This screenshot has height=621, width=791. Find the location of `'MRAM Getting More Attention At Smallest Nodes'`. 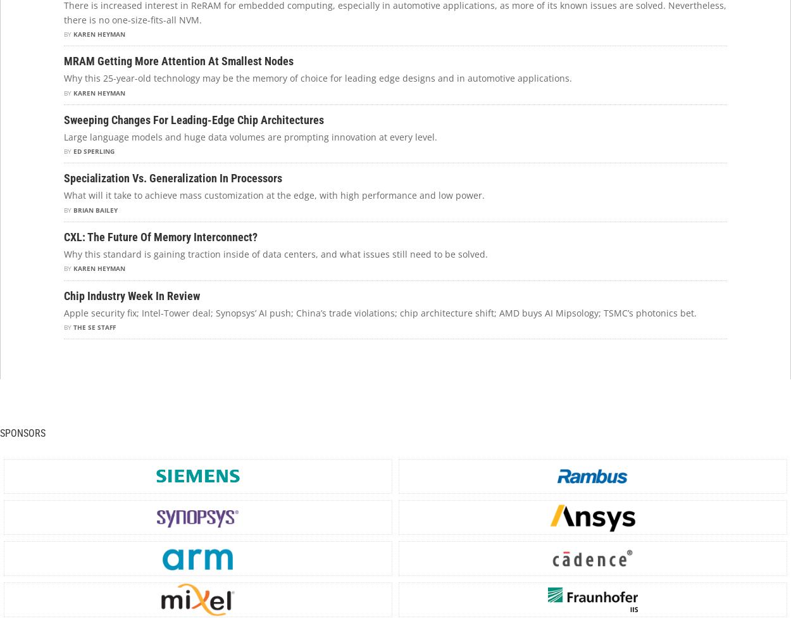

'MRAM Getting More Attention At Smallest Nodes' is located at coordinates (178, 60).